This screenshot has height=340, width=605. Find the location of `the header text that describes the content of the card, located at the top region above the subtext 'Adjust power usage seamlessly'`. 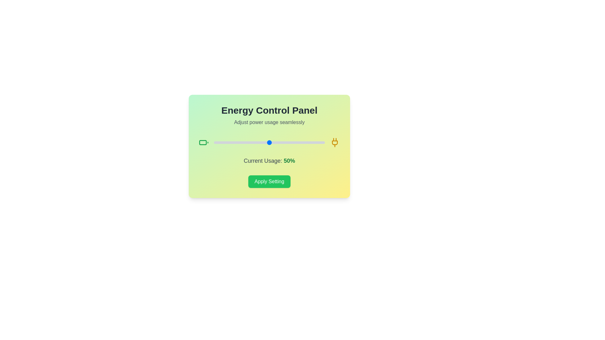

the header text that describes the content of the card, located at the top region above the subtext 'Adjust power usage seamlessly' is located at coordinates (269, 110).